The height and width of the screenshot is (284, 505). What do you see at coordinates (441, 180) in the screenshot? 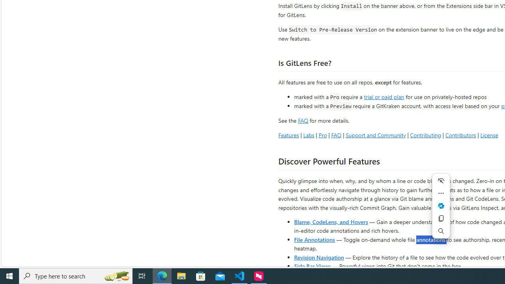
I see `'Hide menu'` at bounding box center [441, 180].